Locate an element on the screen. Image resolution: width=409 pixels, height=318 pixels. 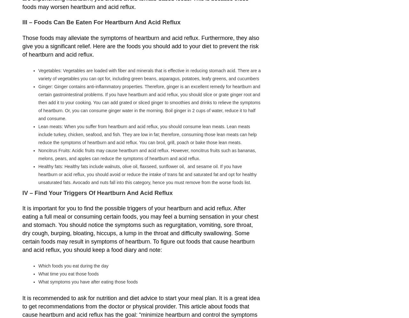
'IV – Find Your Triggers Of Heartburn And Acid Reflux' is located at coordinates (97, 192).